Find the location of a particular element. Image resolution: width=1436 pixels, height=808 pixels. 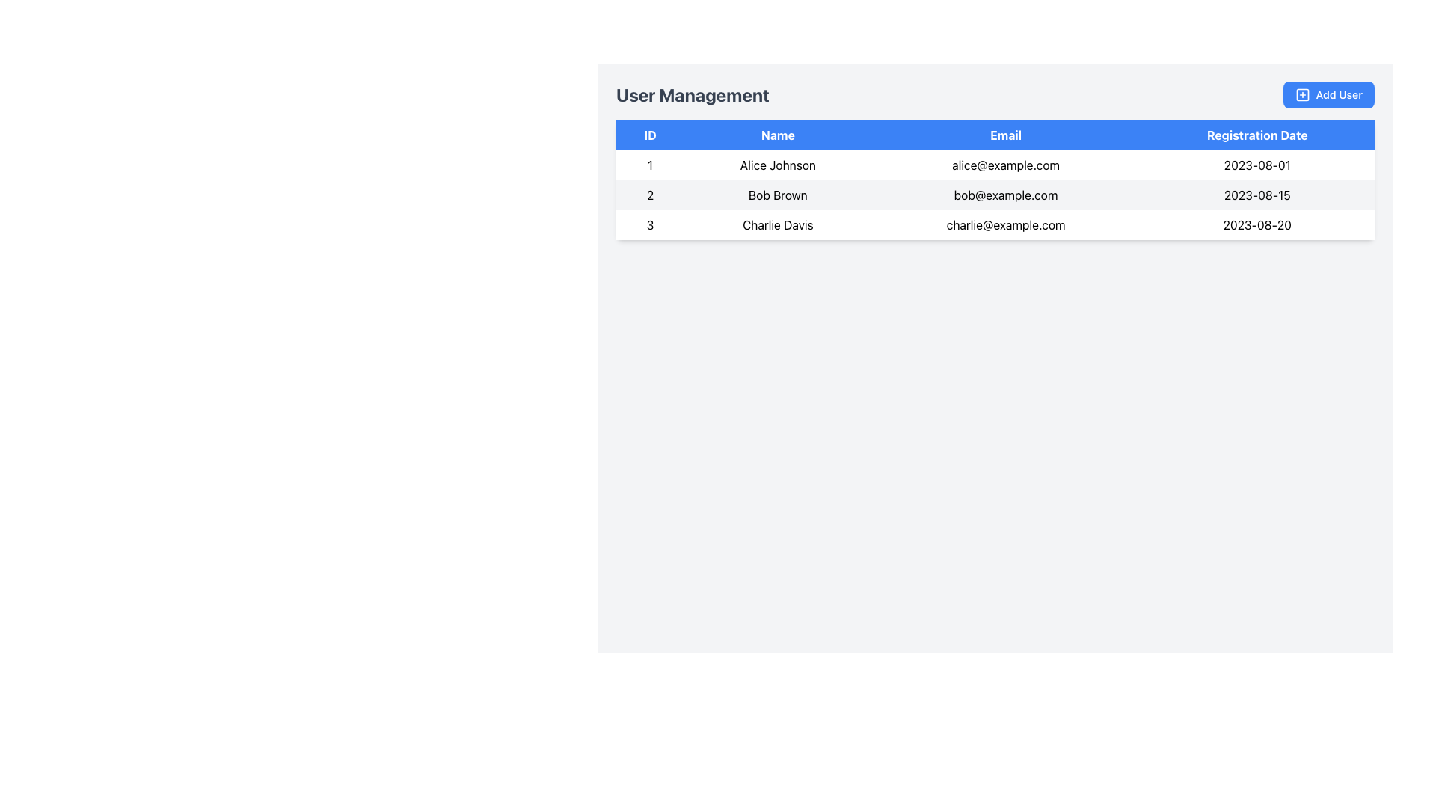

the Text Label displaying the email for user 'Bob Brown' in the user management interface is located at coordinates (1006, 195).